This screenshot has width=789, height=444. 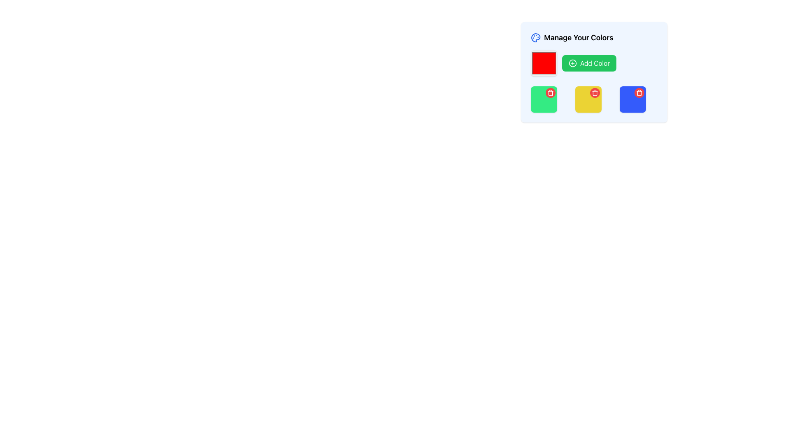 What do you see at coordinates (595, 92) in the screenshot?
I see `the delete button located at the top-right corner of the square card` at bounding box center [595, 92].